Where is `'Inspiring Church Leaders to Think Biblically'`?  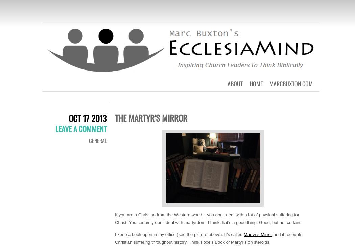 'Inspiring Church Leaders to Think Biblically' is located at coordinates (226, 28).